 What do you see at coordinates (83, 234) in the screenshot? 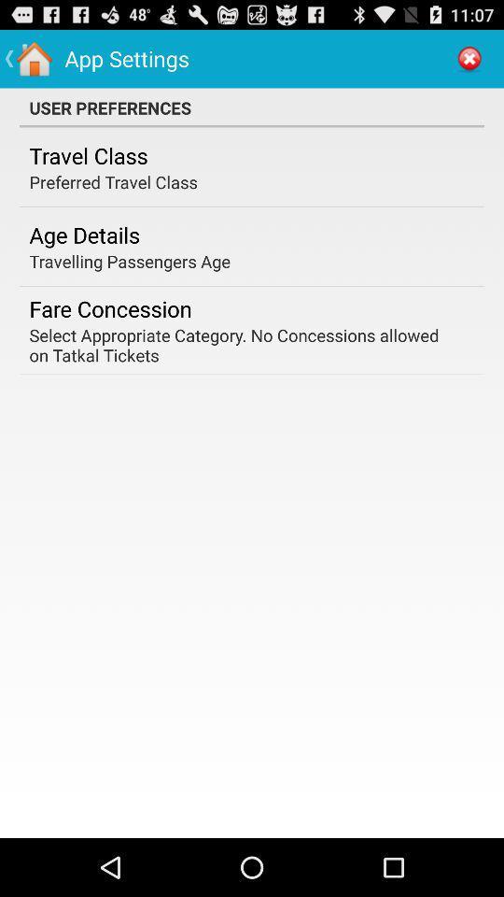
I see `age details item` at bounding box center [83, 234].